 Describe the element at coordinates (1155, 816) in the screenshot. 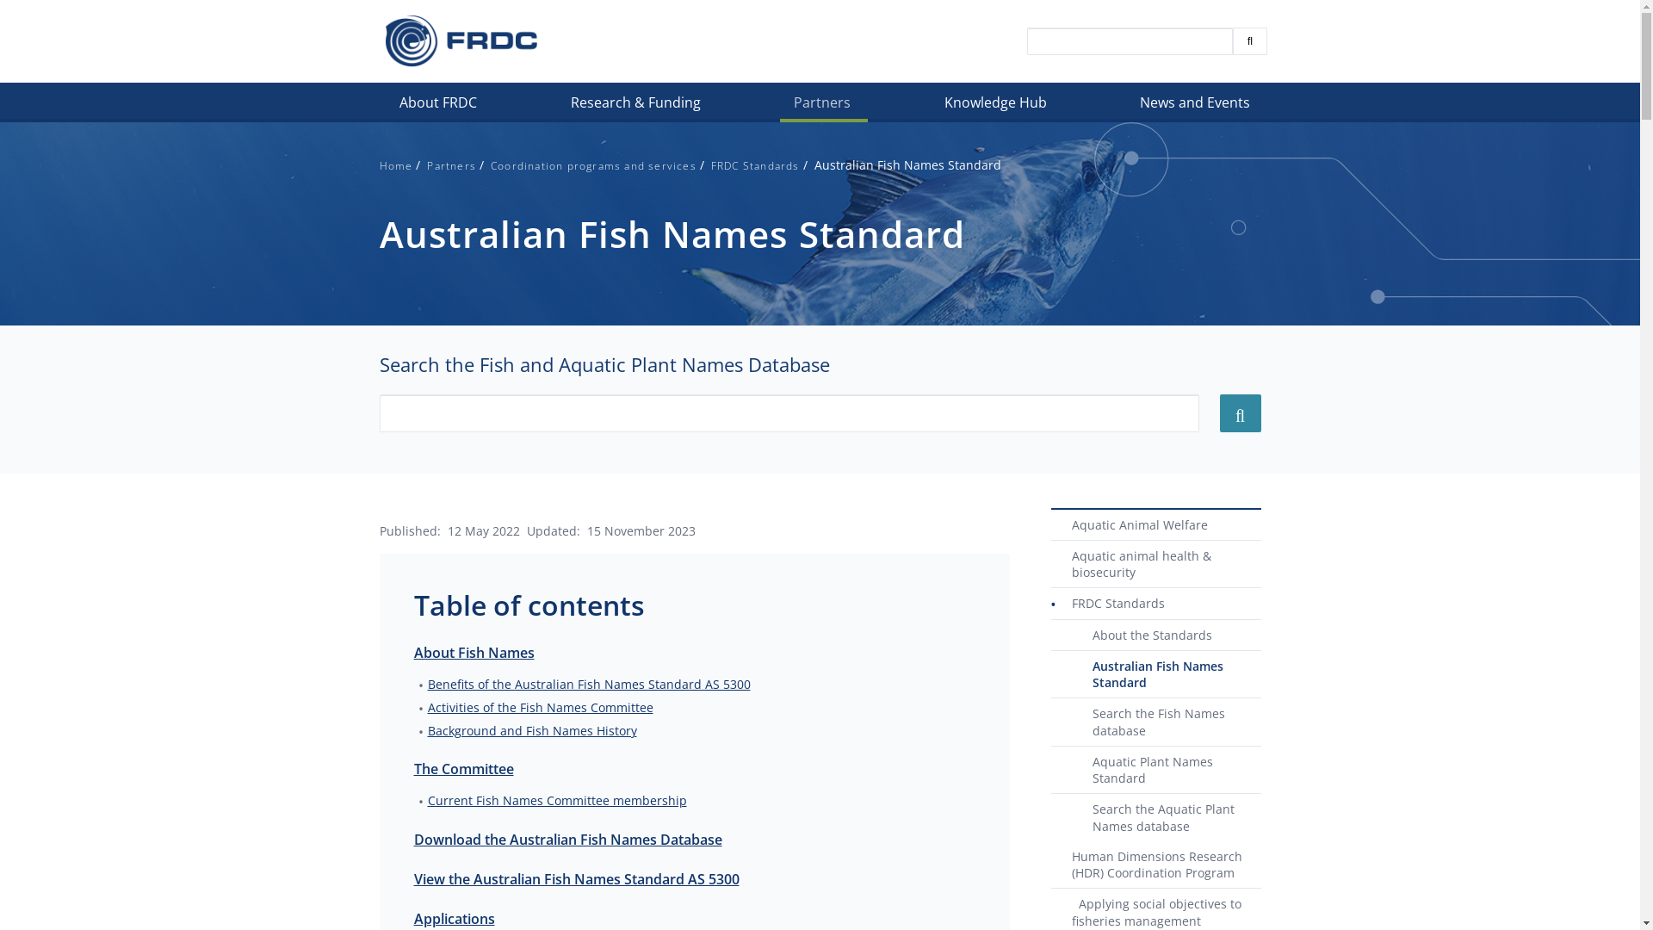

I see `'Search the Aquatic Plant Names database'` at that location.